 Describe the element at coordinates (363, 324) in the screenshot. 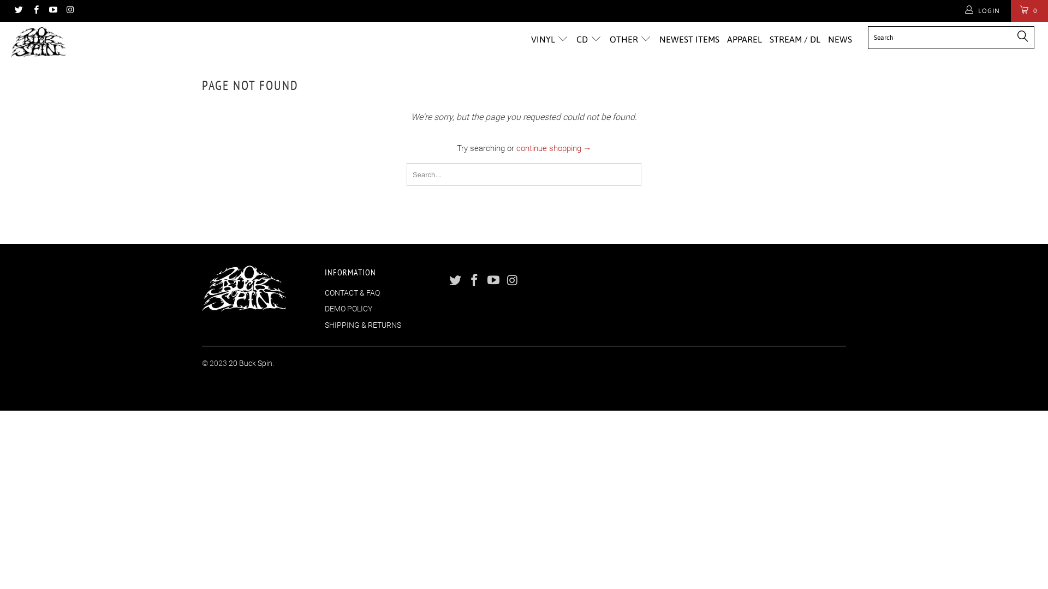

I see `'SHIPPING & RETURNS'` at that location.